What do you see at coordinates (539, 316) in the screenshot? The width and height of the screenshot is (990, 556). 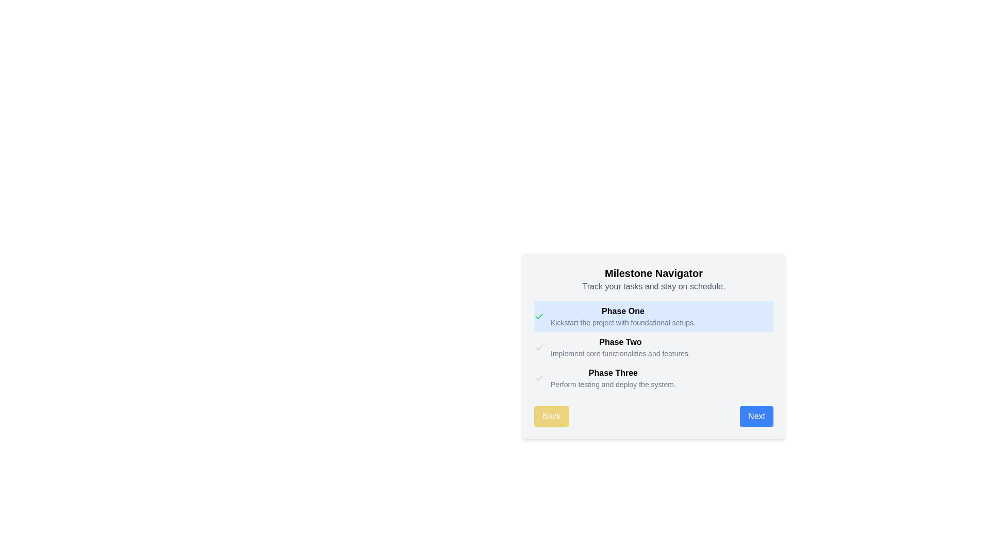 I see `the checkmark icon indicating completion of 'Phase One', which is positioned at the far left edge of the line preceding the bold 'Phase One' text label` at bounding box center [539, 316].